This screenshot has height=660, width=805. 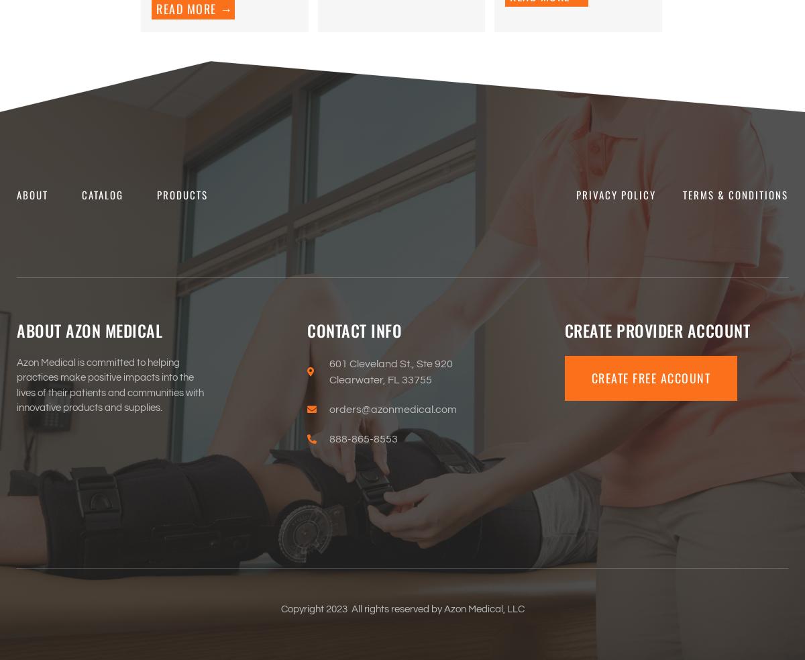 What do you see at coordinates (102, 194) in the screenshot?
I see `'Catalog'` at bounding box center [102, 194].